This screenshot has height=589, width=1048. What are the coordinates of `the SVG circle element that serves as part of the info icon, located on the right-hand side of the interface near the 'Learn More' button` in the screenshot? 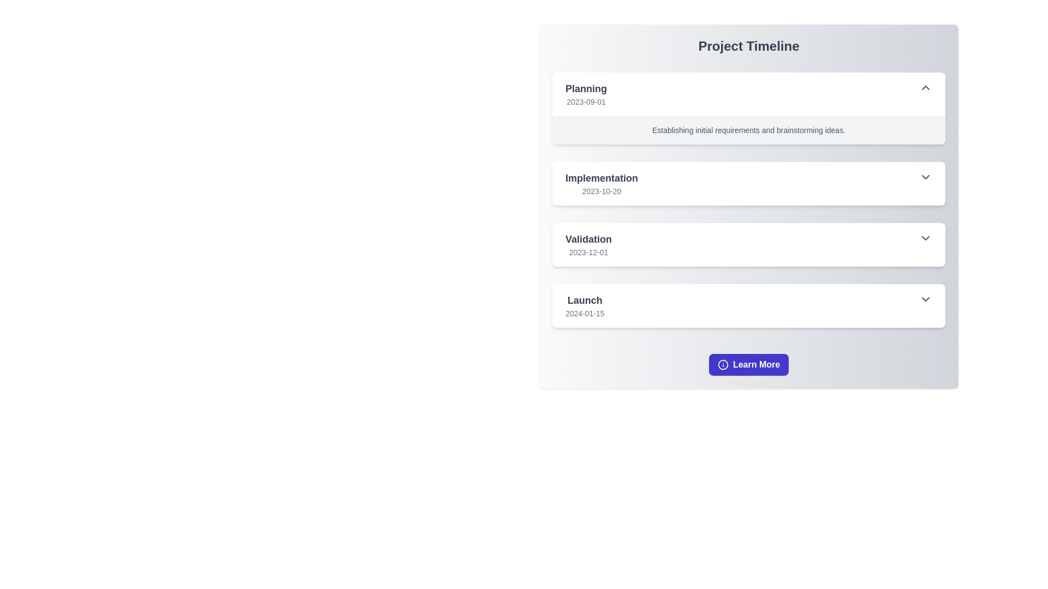 It's located at (723, 364).